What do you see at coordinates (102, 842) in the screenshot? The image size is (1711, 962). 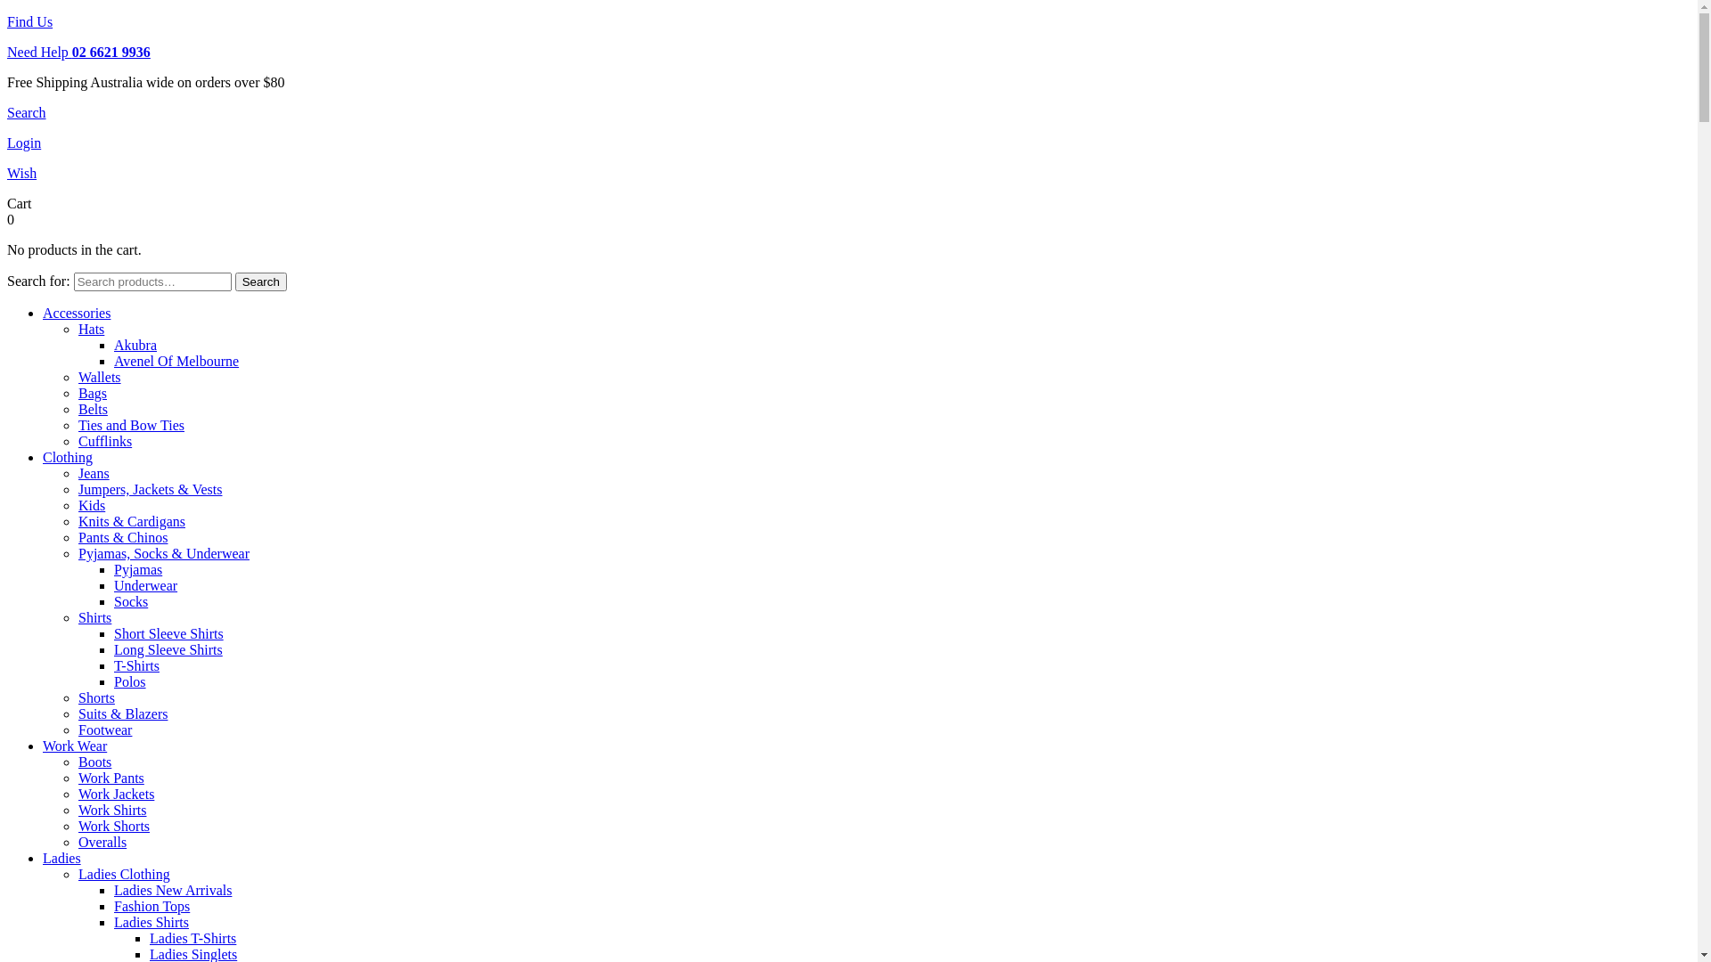 I see `'Overalls'` at bounding box center [102, 842].